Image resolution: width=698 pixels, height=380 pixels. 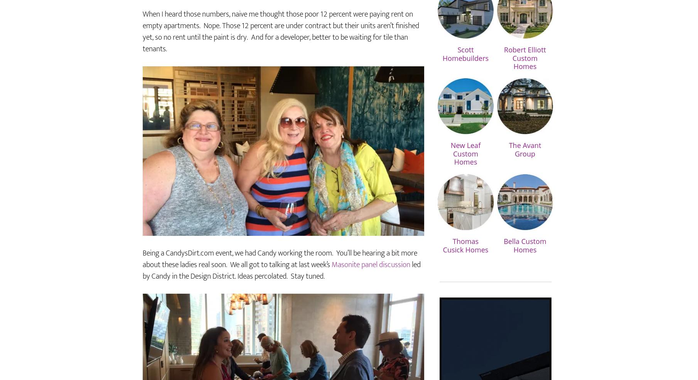 What do you see at coordinates (443, 267) in the screenshot?
I see `'Thomas Cusick Homes'` at bounding box center [443, 267].